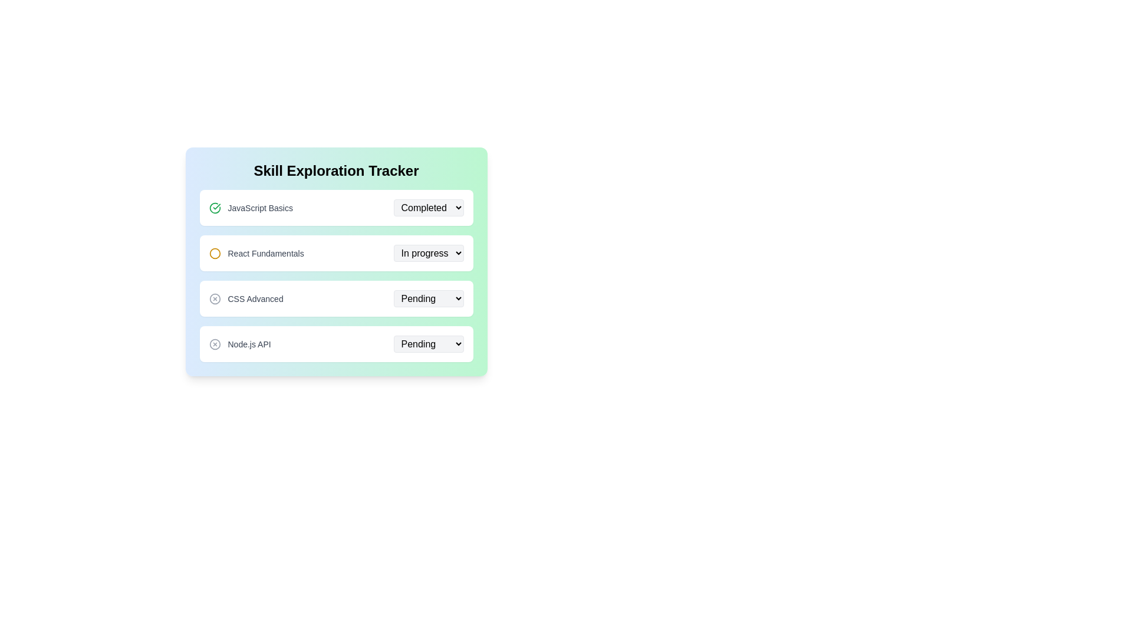 The image size is (1132, 637). Describe the element at coordinates (250, 207) in the screenshot. I see `the 'JavaScript Basics' text label with the green checkmark icon` at that location.